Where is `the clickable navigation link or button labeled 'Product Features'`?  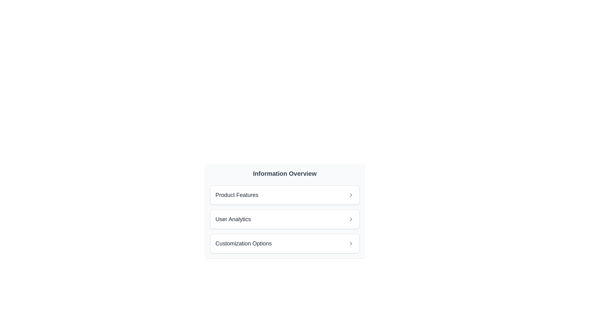
the clickable navigation link or button labeled 'Product Features' is located at coordinates (285, 195).